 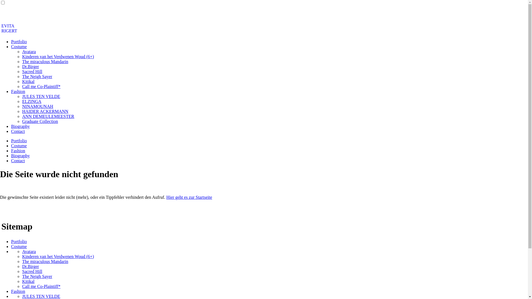 I want to click on 'EVITA, so click(x=9, y=28).